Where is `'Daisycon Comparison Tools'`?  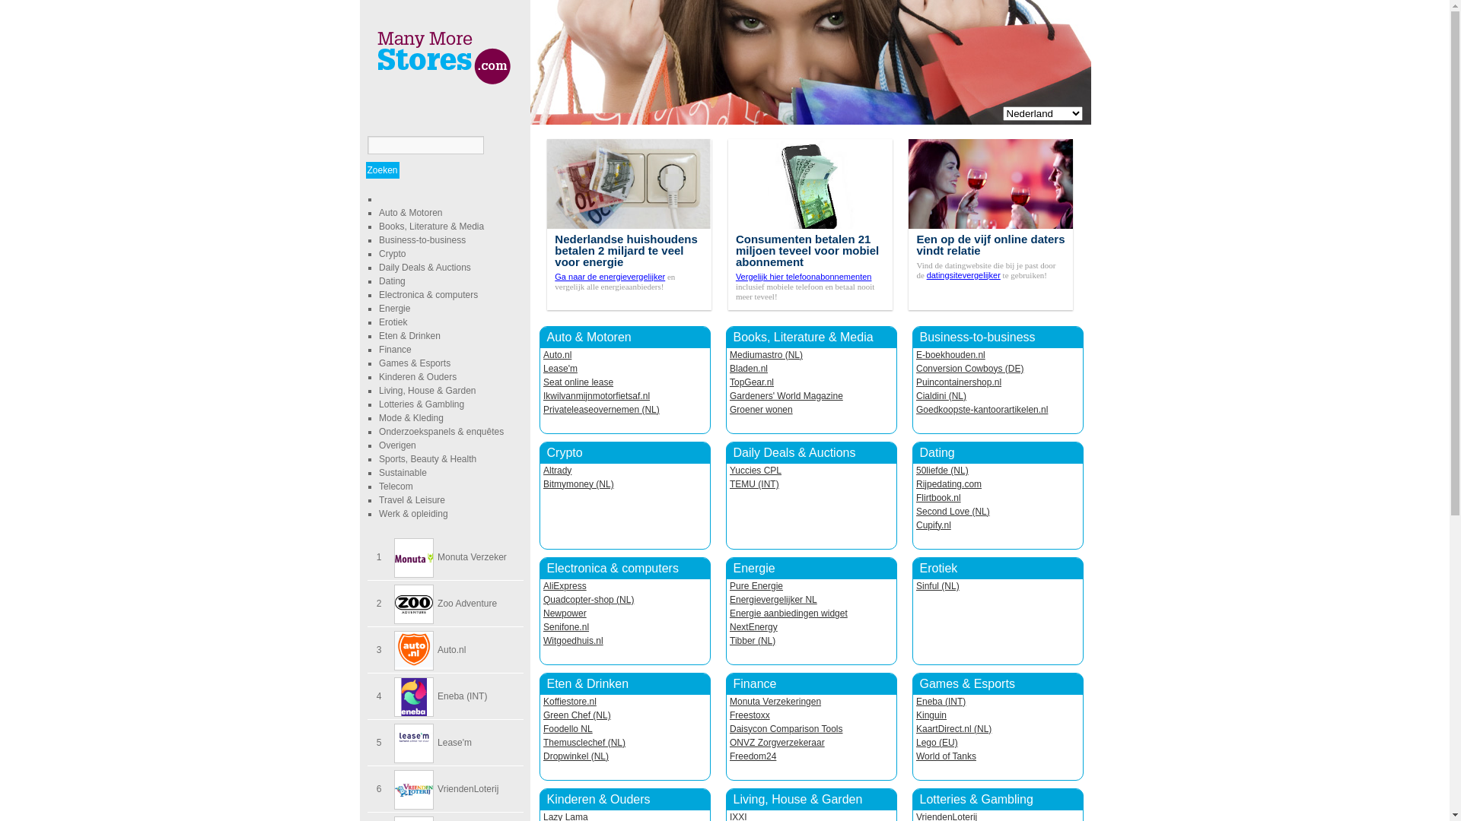 'Daisycon Comparison Tools' is located at coordinates (729, 728).